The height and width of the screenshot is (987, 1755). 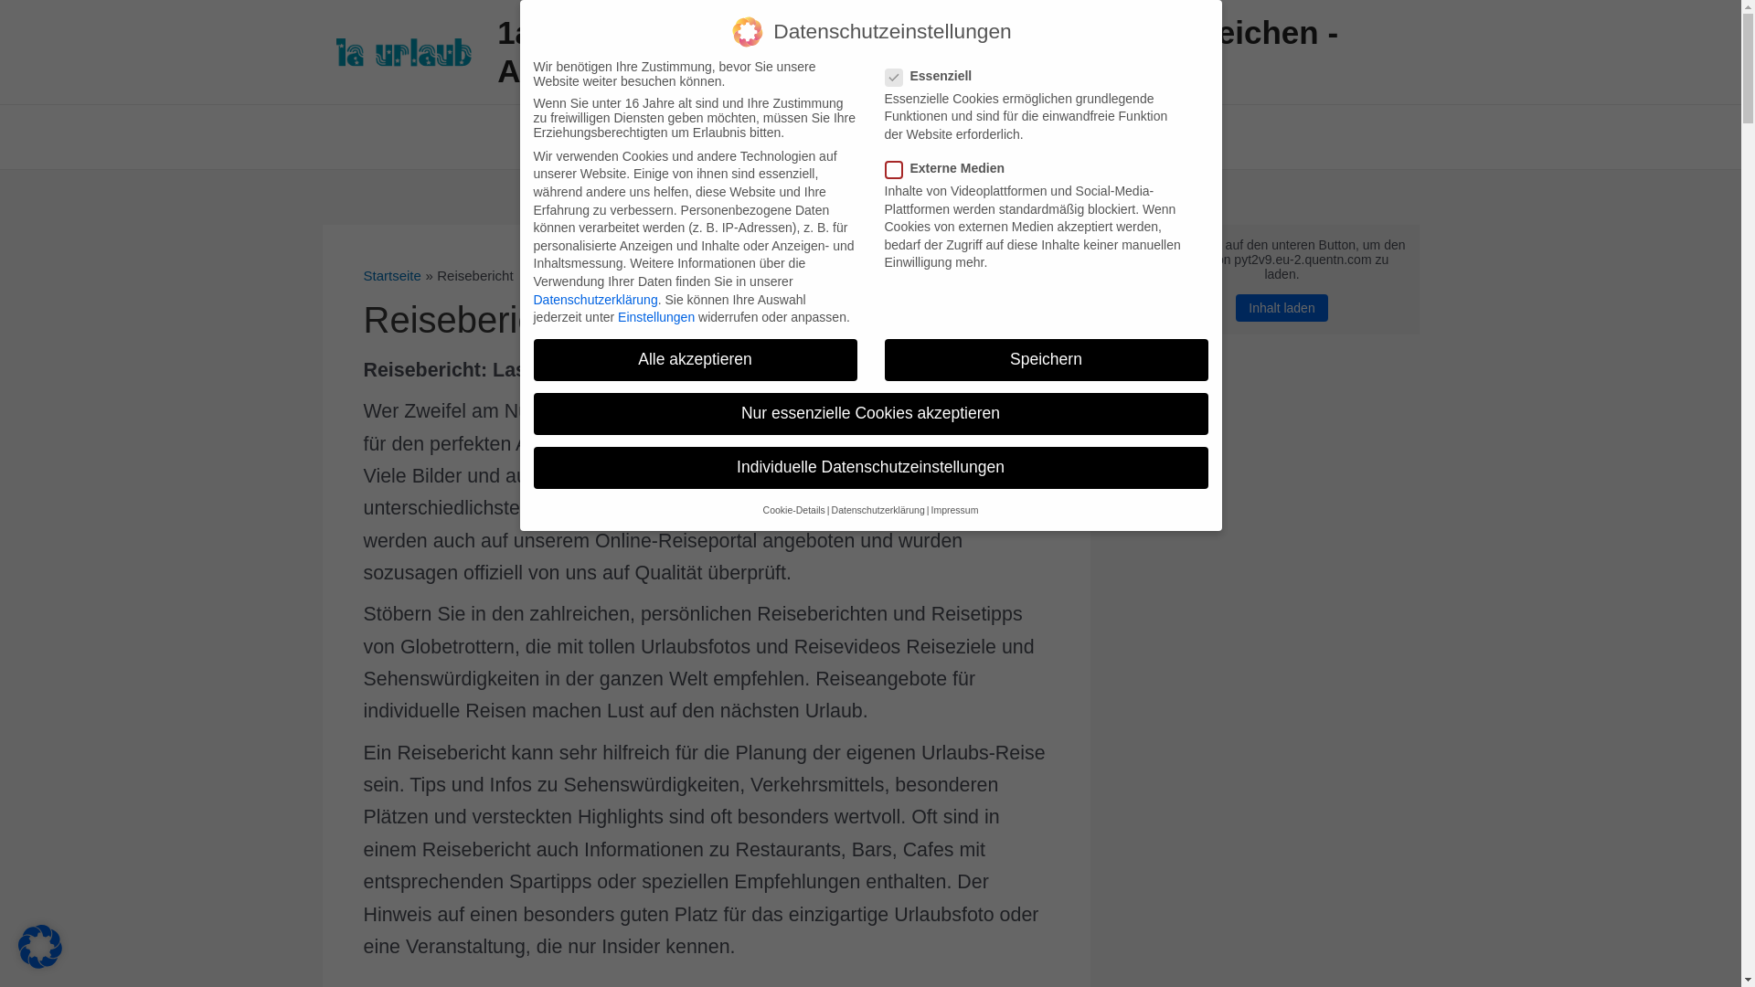 What do you see at coordinates (1280, 306) in the screenshot?
I see `'Inhalt laden'` at bounding box center [1280, 306].